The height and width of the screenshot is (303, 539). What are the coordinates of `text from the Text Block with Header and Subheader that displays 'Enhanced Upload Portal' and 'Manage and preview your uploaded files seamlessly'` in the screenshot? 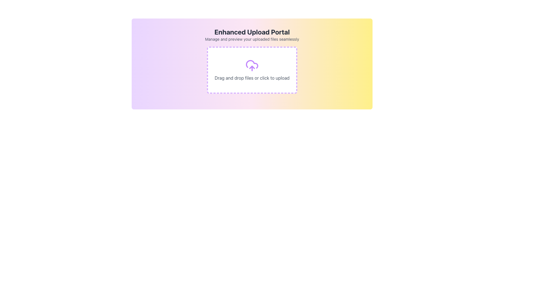 It's located at (252, 35).